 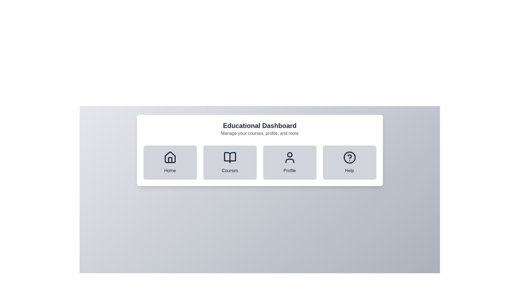 What do you see at coordinates (289, 170) in the screenshot?
I see `the text label that identifies the user profile management feature, located within its feature card directly below the user icon` at bounding box center [289, 170].